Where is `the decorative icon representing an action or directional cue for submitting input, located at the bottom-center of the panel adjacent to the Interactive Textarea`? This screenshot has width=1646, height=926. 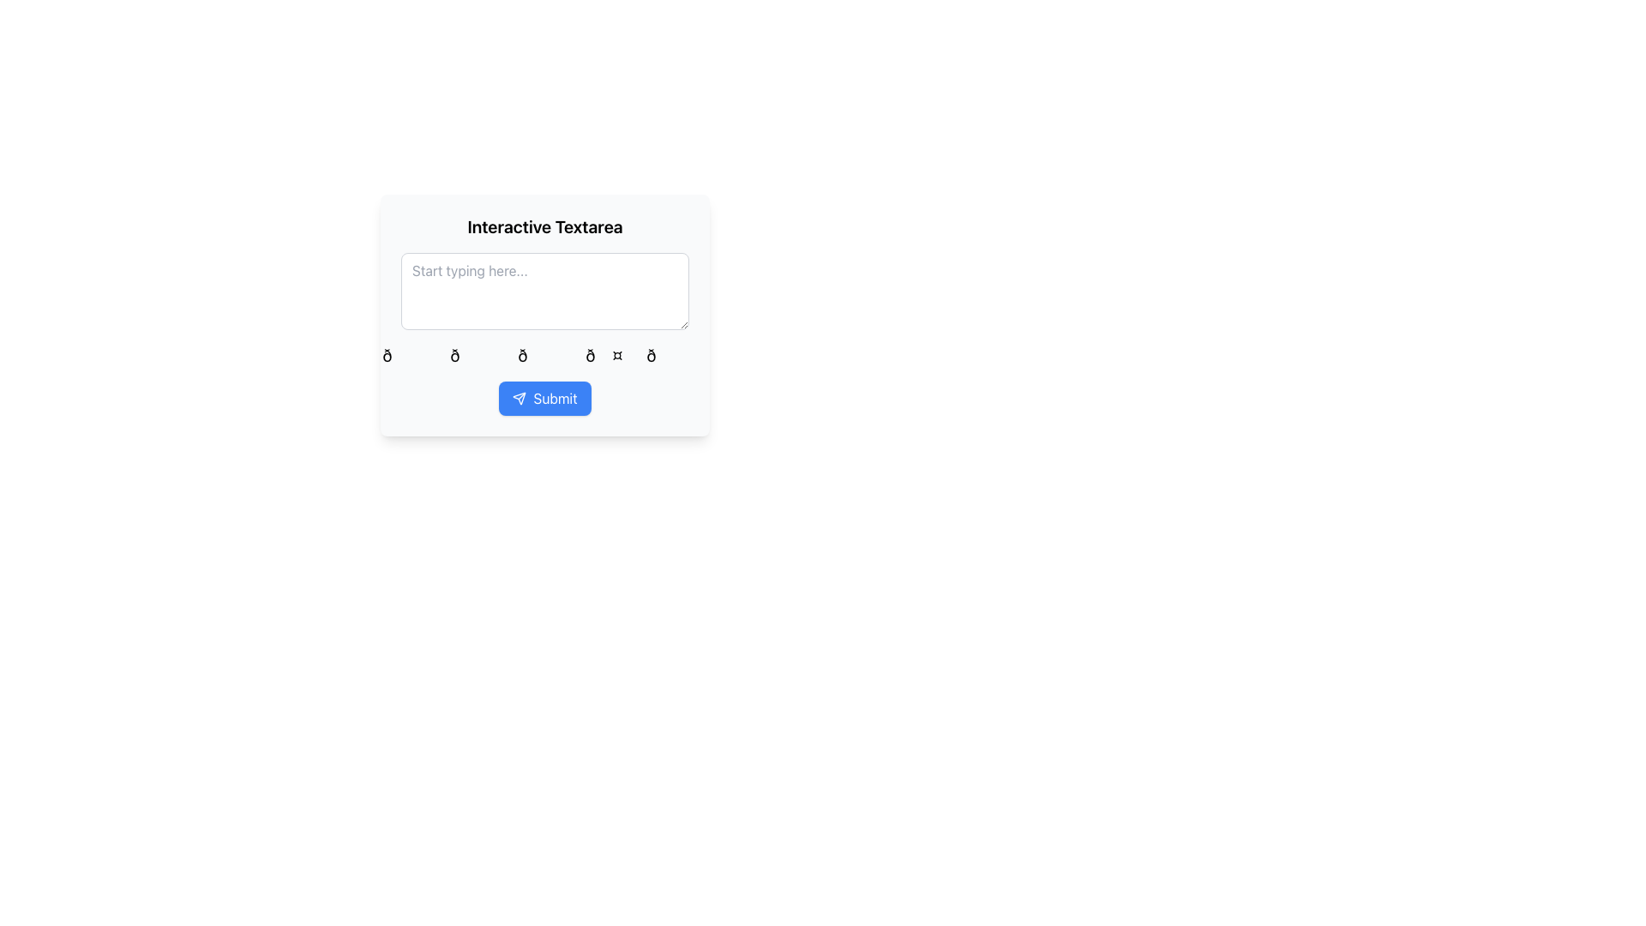 the decorative icon representing an action or directional cue for submitting input, located at the bottom-center of the panel adjacent to the Interactive Textarea is located at coordinates (519, 399).